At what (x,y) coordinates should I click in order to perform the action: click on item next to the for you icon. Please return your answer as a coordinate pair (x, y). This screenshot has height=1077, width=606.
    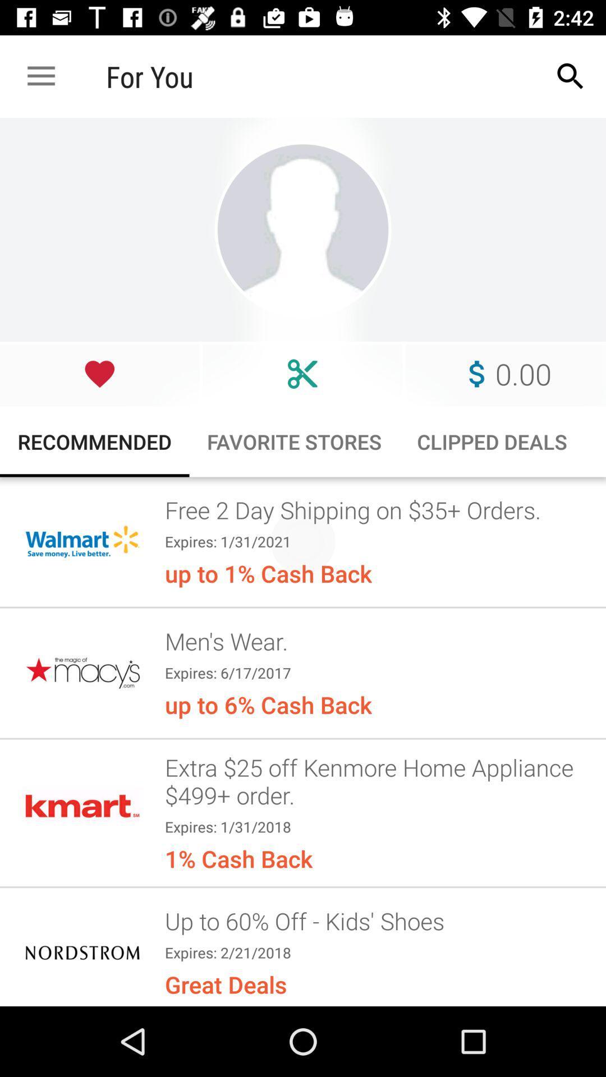
    Looking at the image, I should click on (571, 76).